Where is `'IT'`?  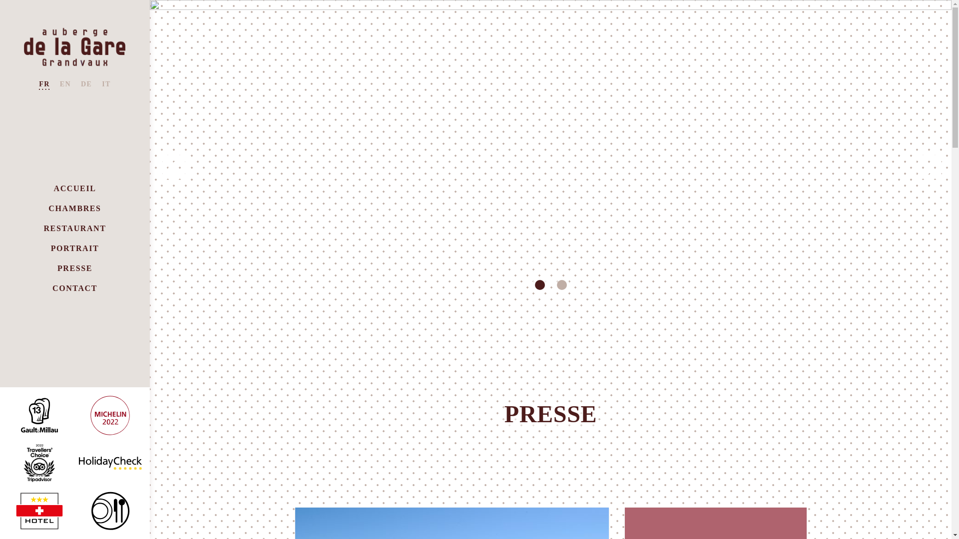 'IT' is located at coordinates (106, 84).